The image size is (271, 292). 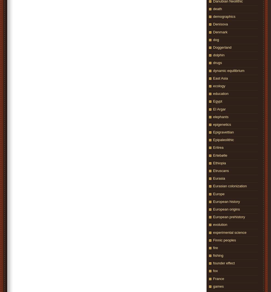 What do you see at coordinates (224, 16) in the screenshot?
I see `'demographics'` at bounding box center [224, 16].